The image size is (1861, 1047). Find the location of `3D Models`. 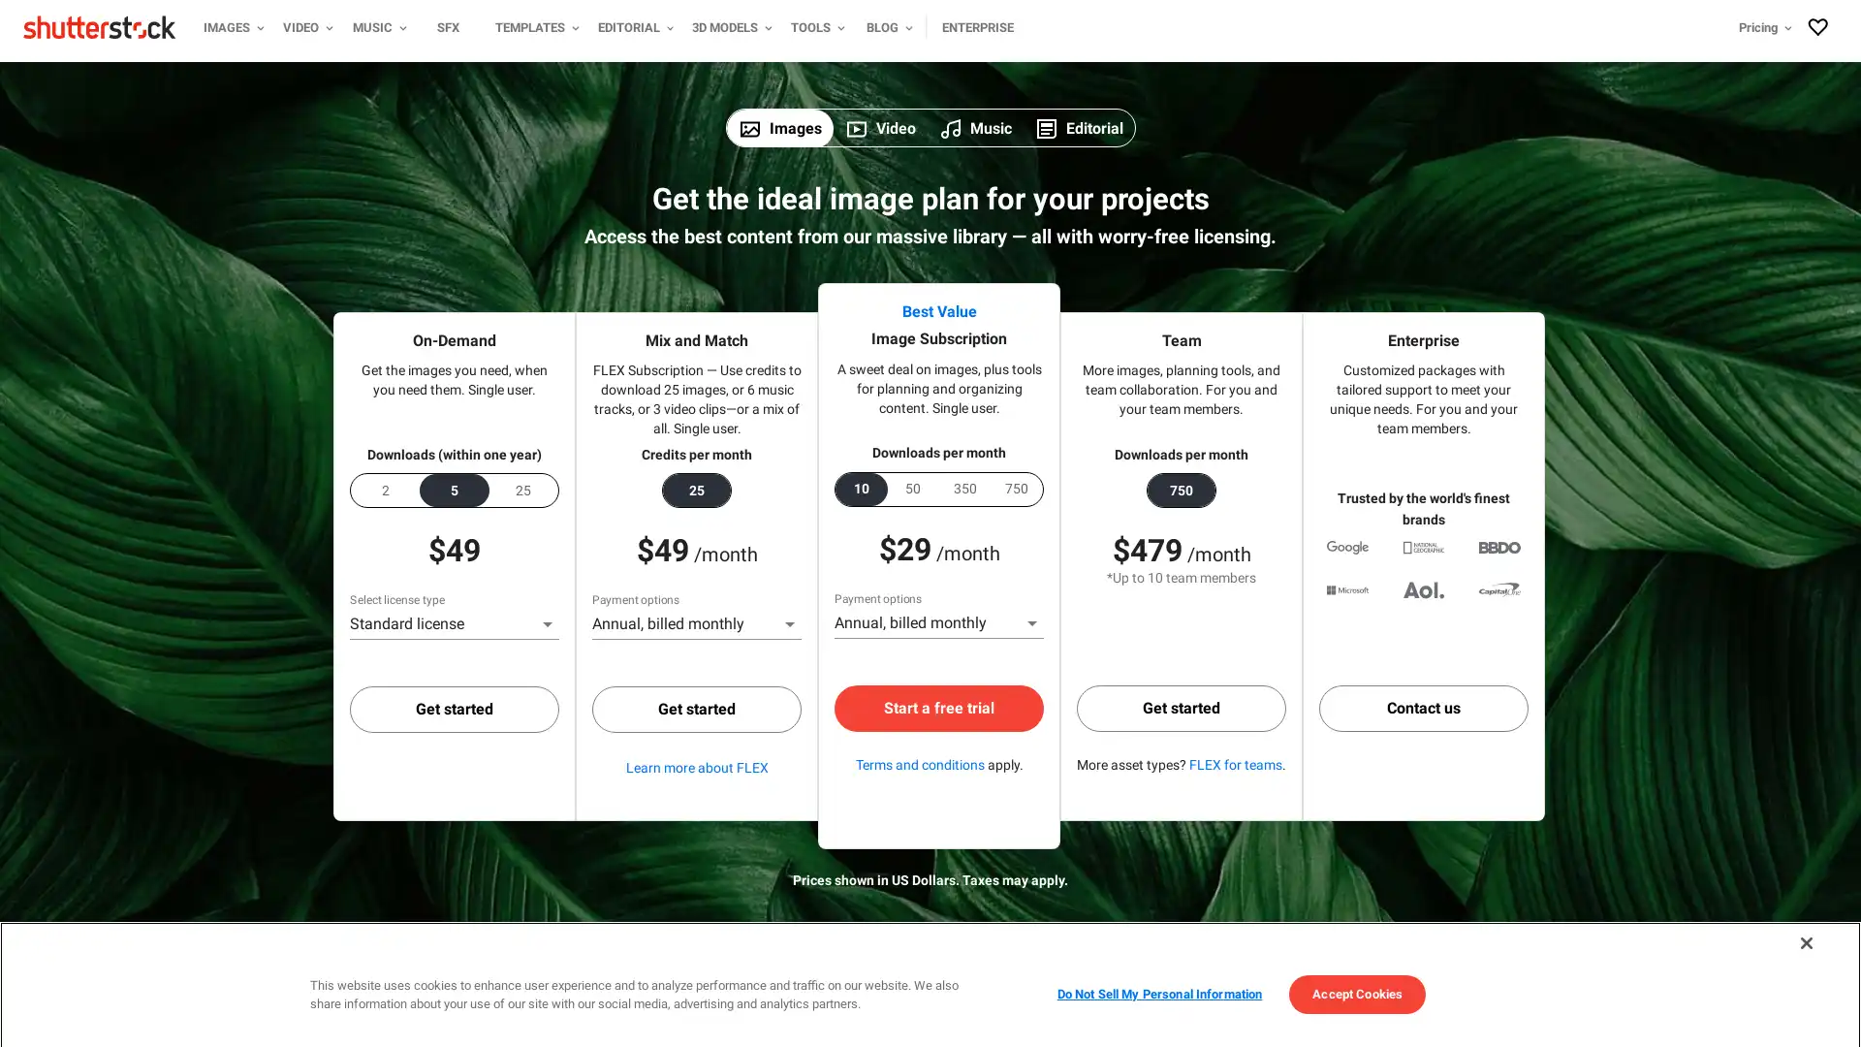

3D Models is located at coordinates (729, 26).